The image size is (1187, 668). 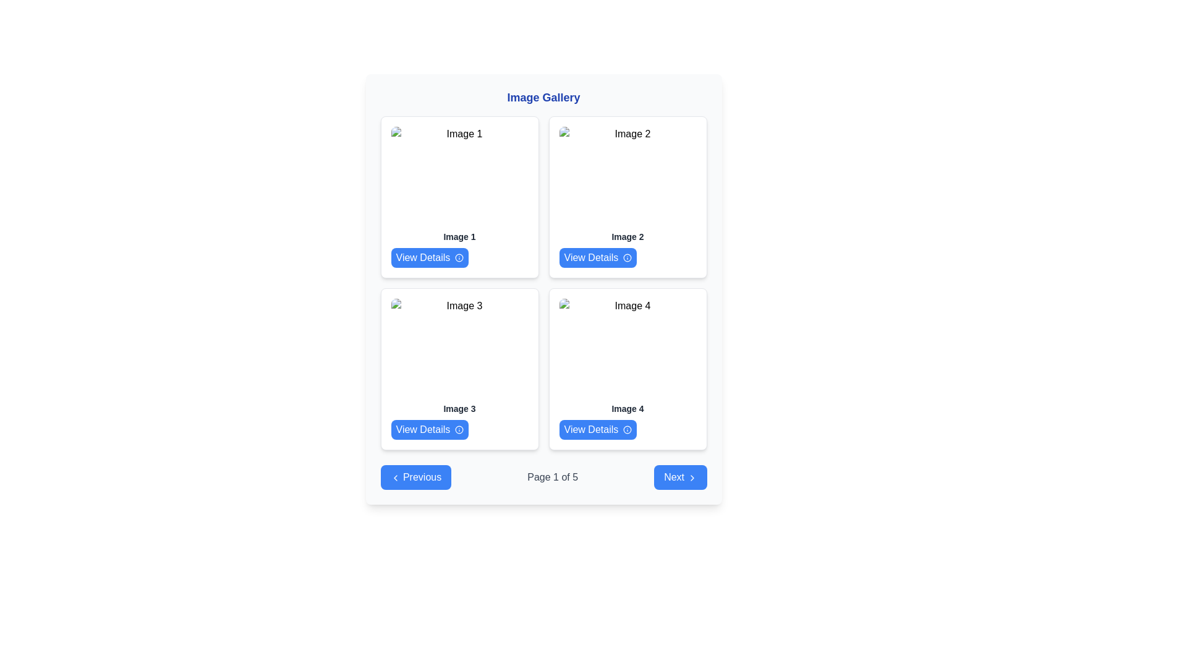 What do you see at coordinates (430, 429) in the screenshot?
I see `the button located below the title 'Image 3' in the image gallery` at bounding box center [430, 429].